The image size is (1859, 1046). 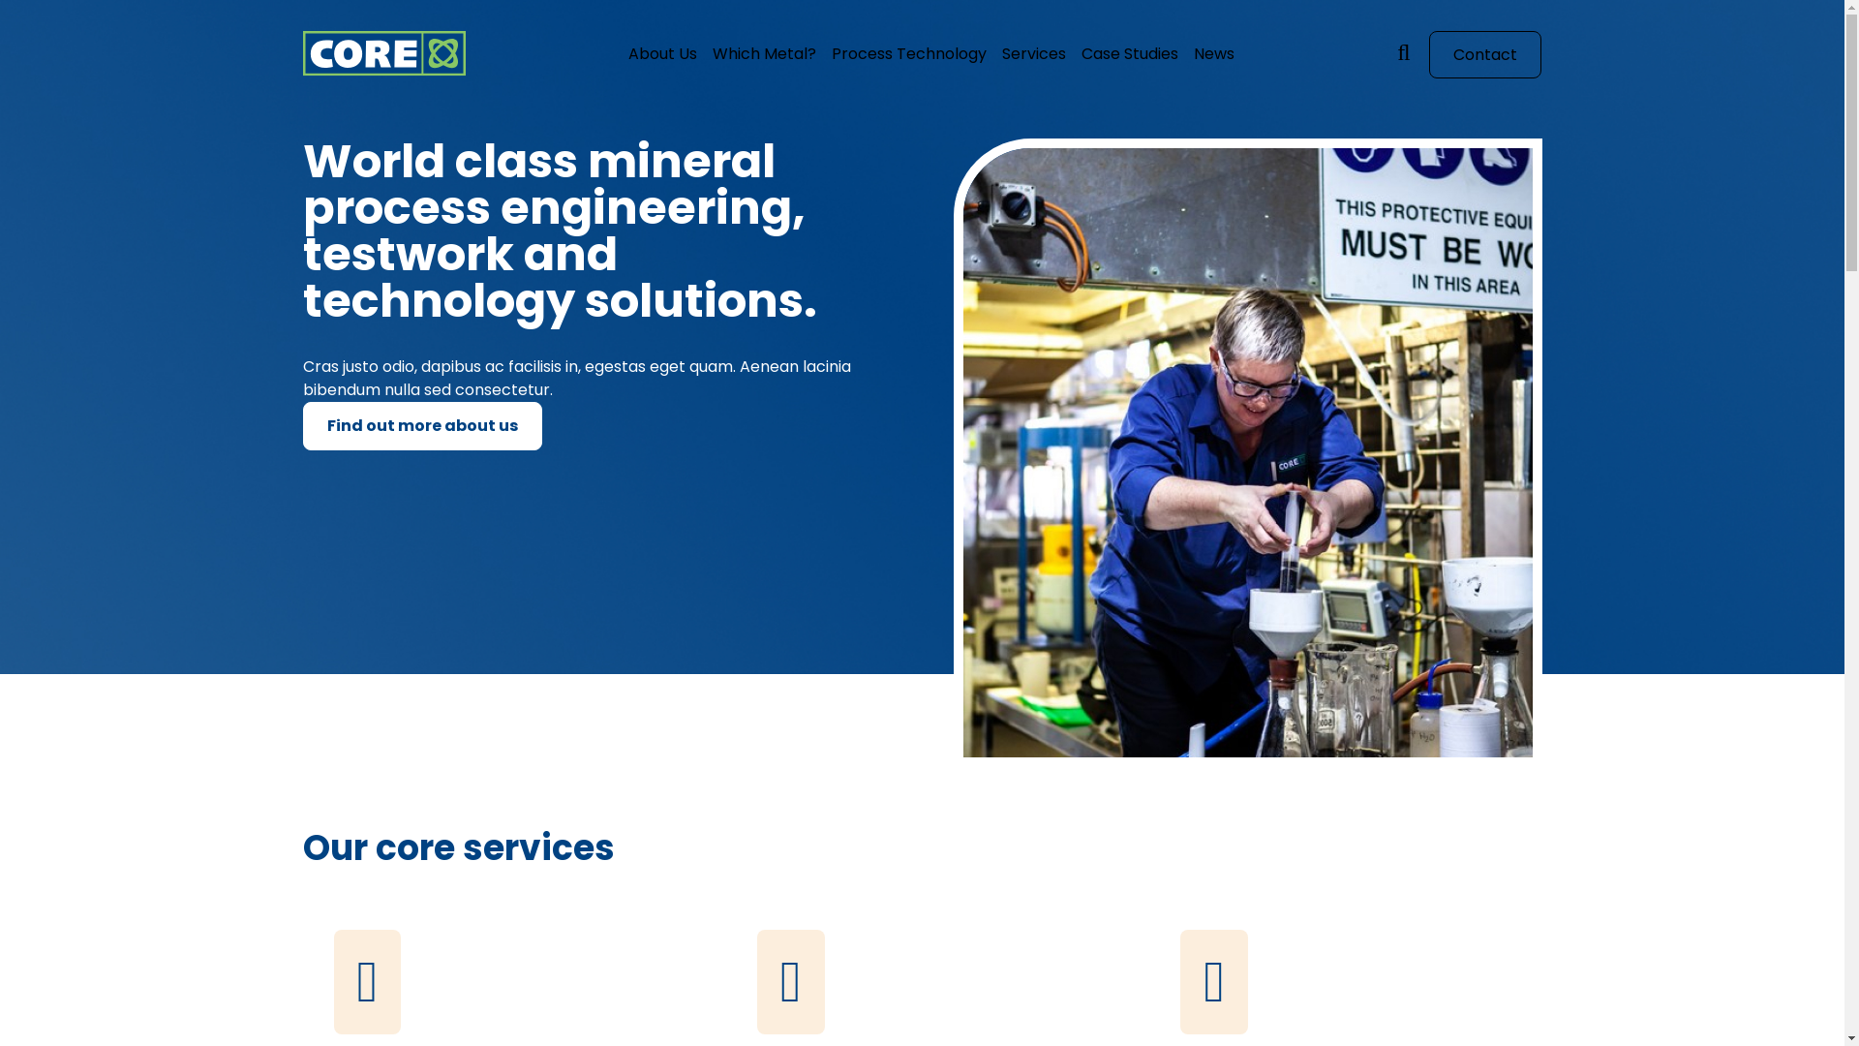 What do you see at coordinates (1429, 53) in the screenshot?
I see `'Contact'` at bounding box center [1429, 53].